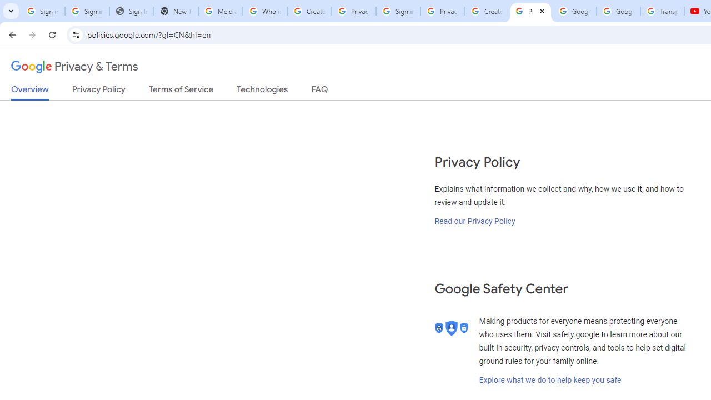 The image size is (711, 400). I want to click on 'Create your Google Account', so click(487, 11).